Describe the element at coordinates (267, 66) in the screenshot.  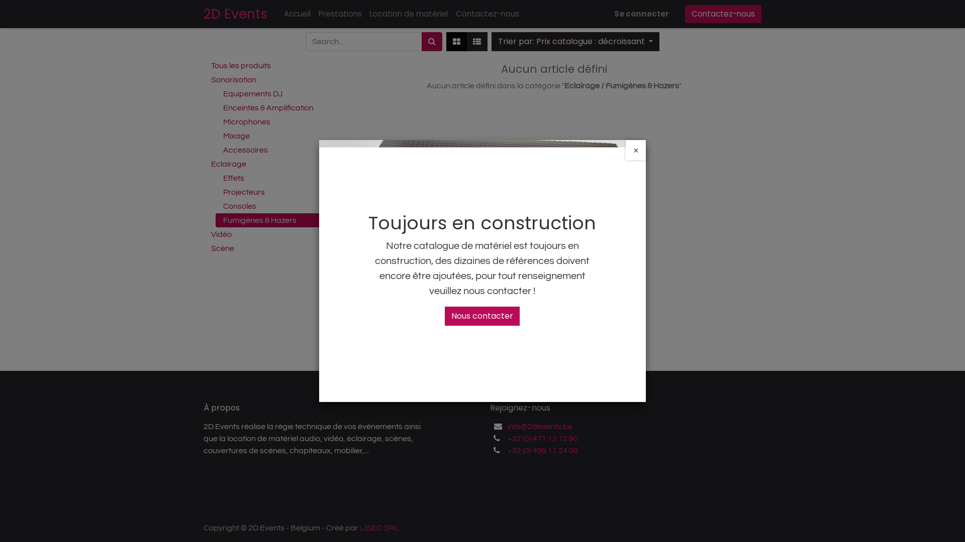
I see `'Tous les produits'` at that location.